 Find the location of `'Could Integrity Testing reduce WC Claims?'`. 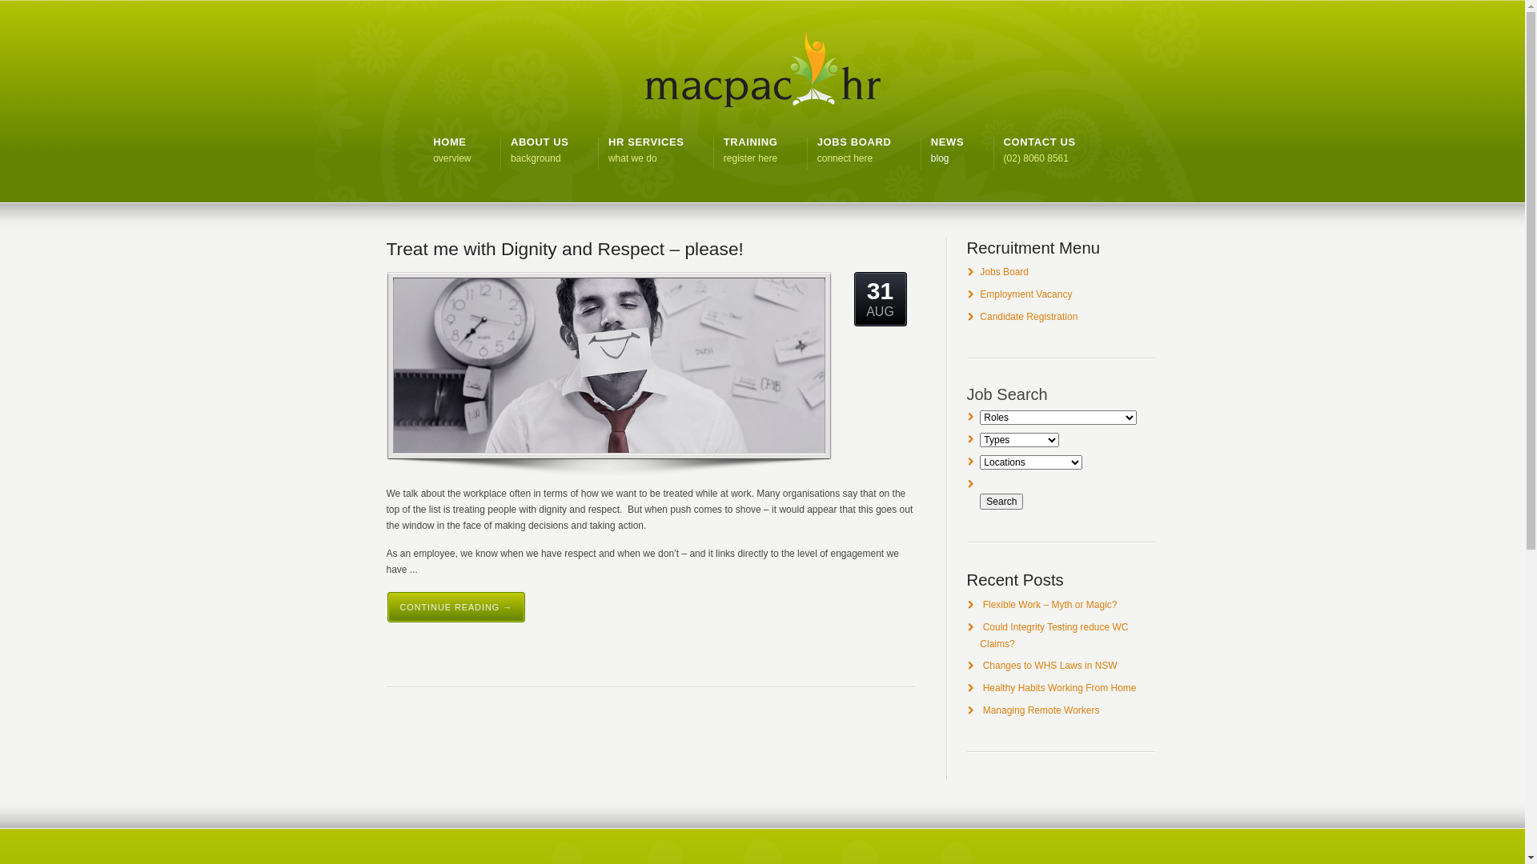

'Could Integrity Testing reduce WC Claims?' is located at coordinates (1053, 634).